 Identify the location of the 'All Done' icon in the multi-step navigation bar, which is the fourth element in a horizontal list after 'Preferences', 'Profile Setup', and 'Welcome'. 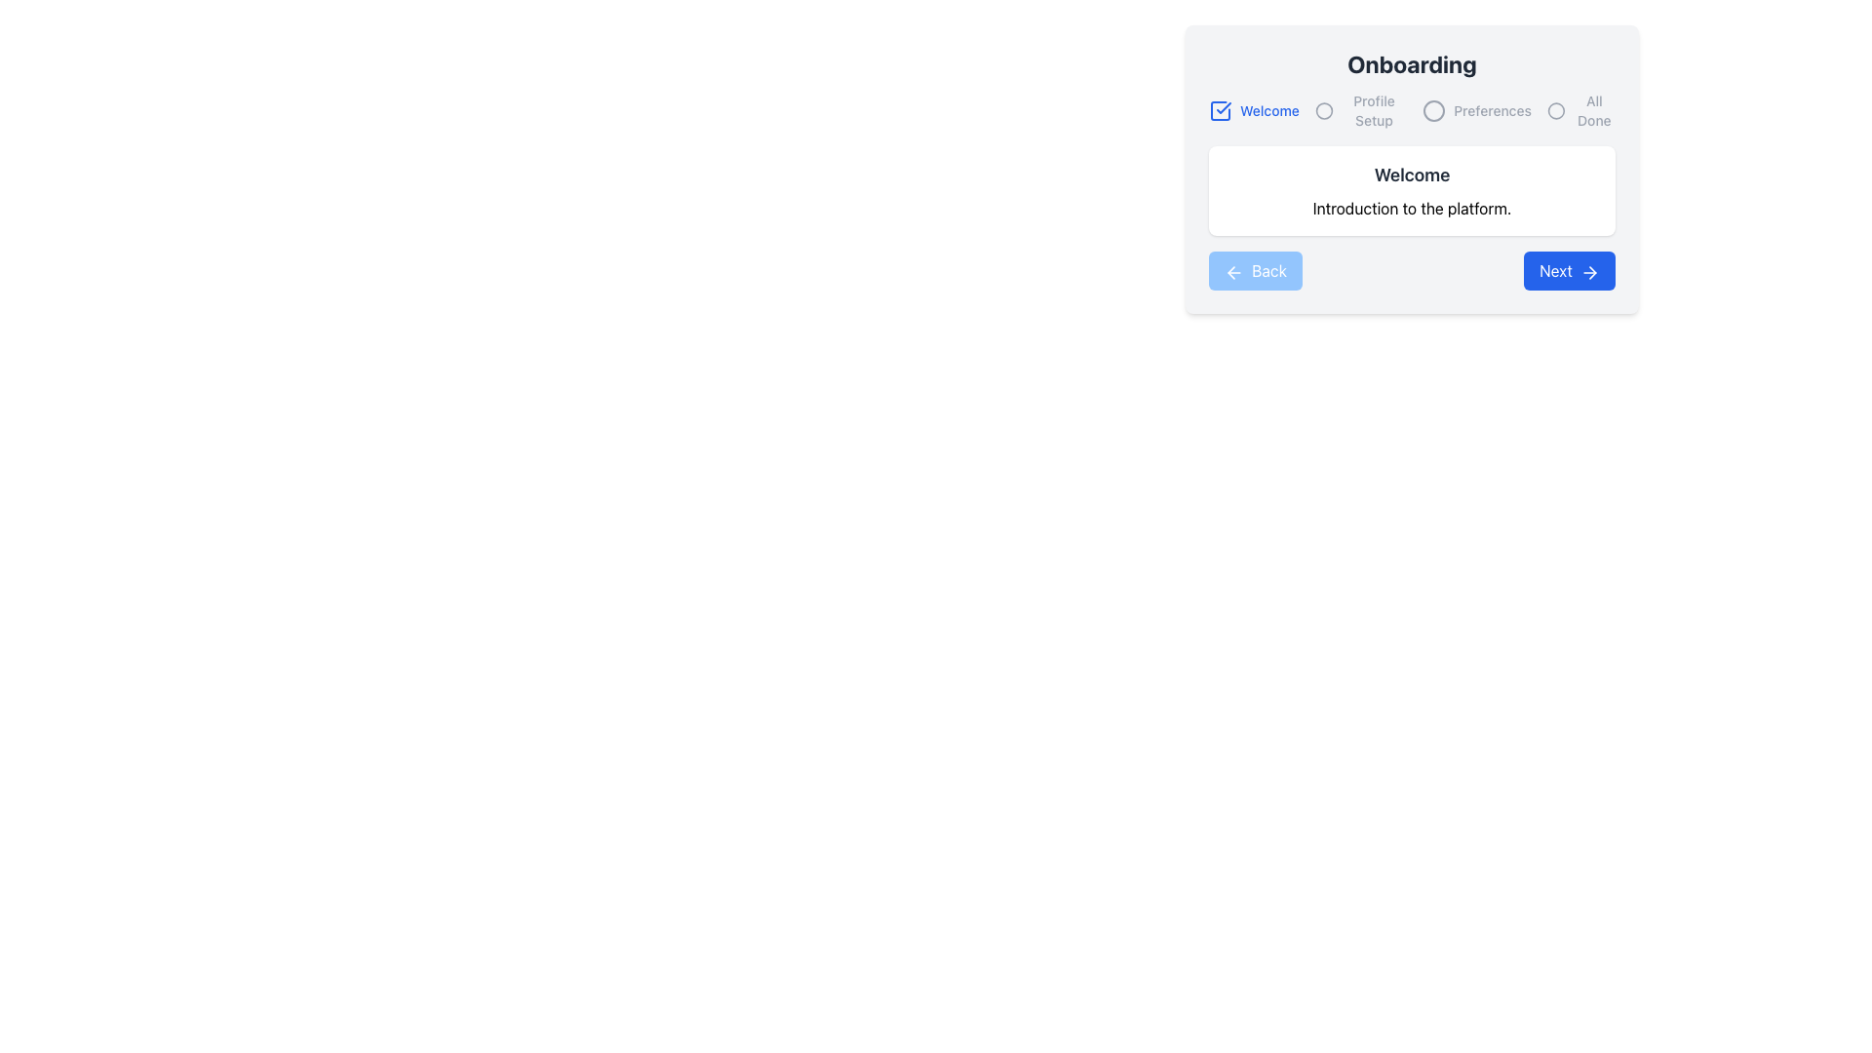
(1581, 111).